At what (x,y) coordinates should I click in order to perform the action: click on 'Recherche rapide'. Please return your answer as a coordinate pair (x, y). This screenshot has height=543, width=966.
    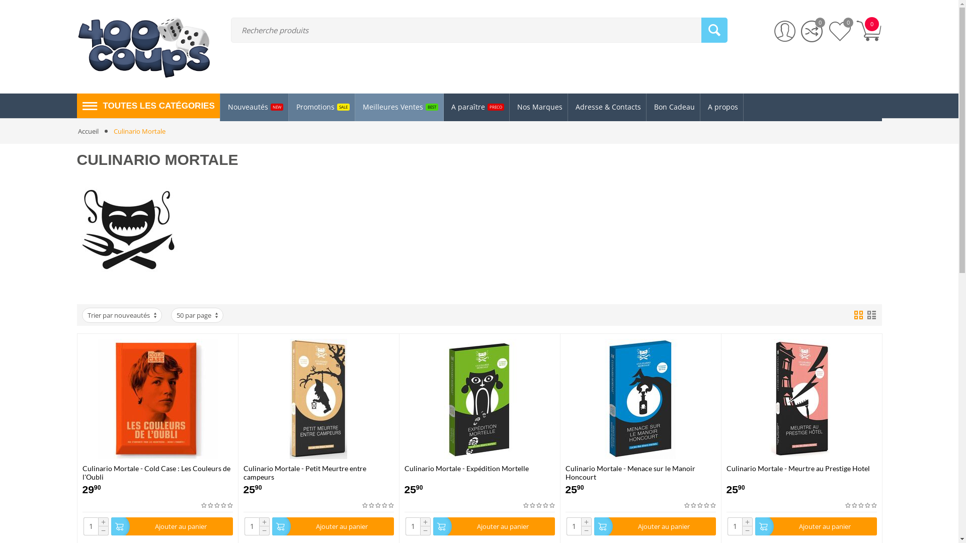
    Looking at the image, I should click on (714, 30).